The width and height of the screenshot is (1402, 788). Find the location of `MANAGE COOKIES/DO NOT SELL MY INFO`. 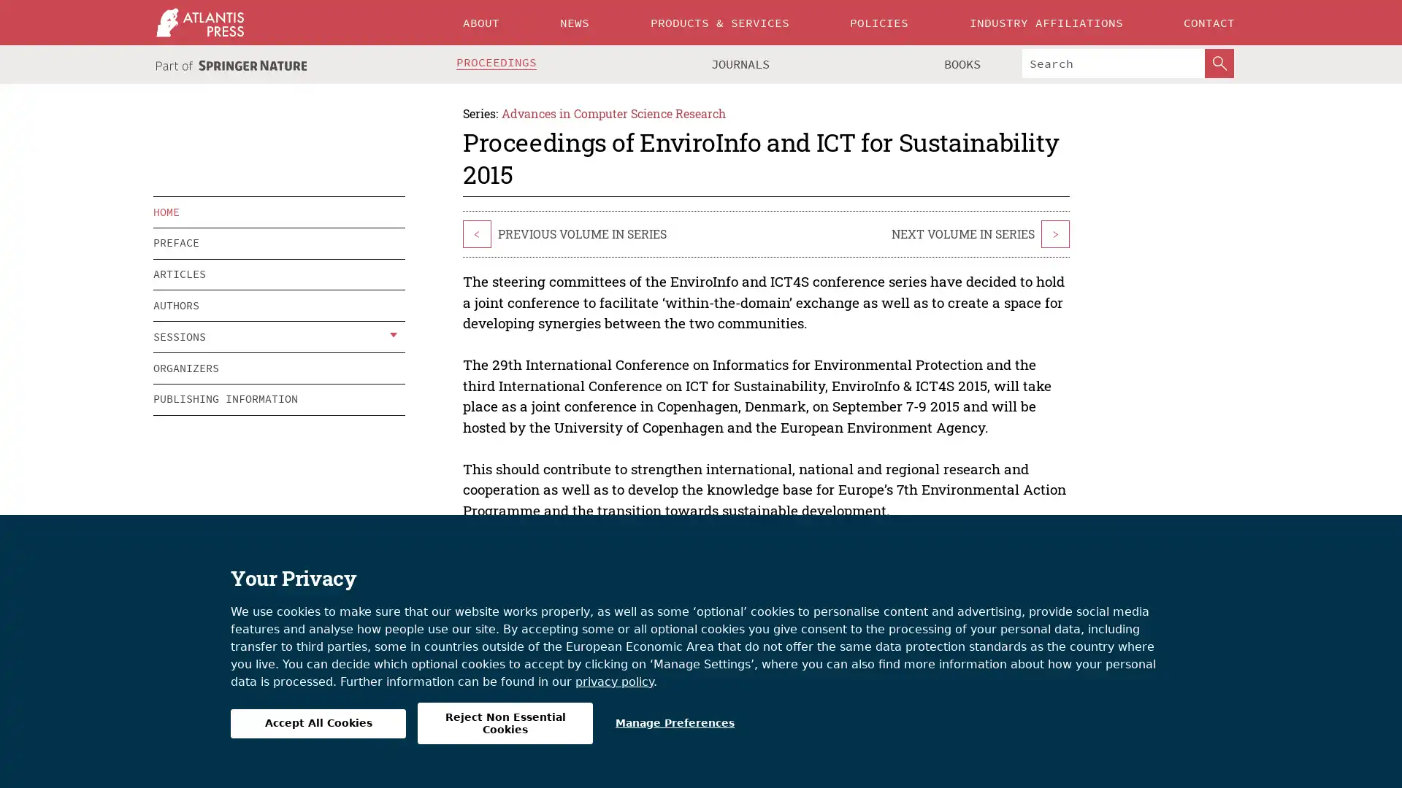

MANAGE COOKIES/DO NOT SELL MY INFO is located at coordinates (816, 750).